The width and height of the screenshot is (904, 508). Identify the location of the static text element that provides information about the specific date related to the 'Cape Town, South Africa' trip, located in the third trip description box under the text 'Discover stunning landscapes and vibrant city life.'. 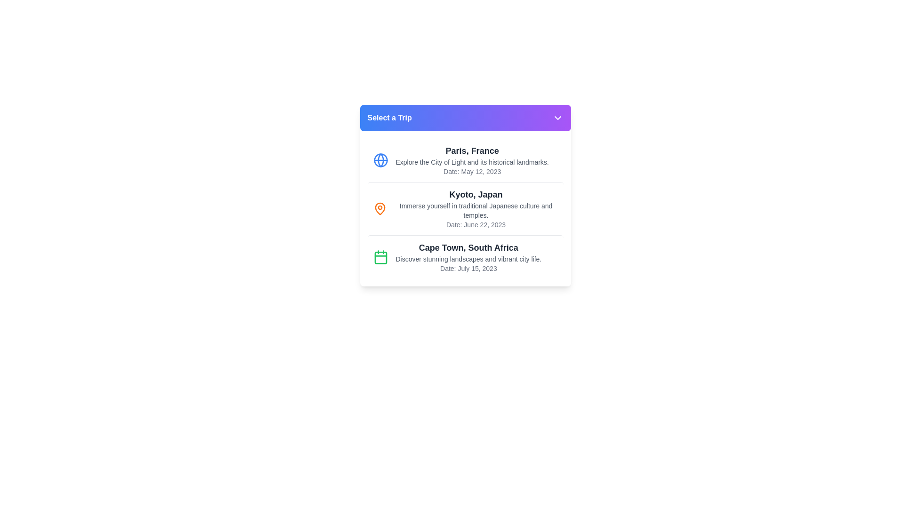
(468, 268).